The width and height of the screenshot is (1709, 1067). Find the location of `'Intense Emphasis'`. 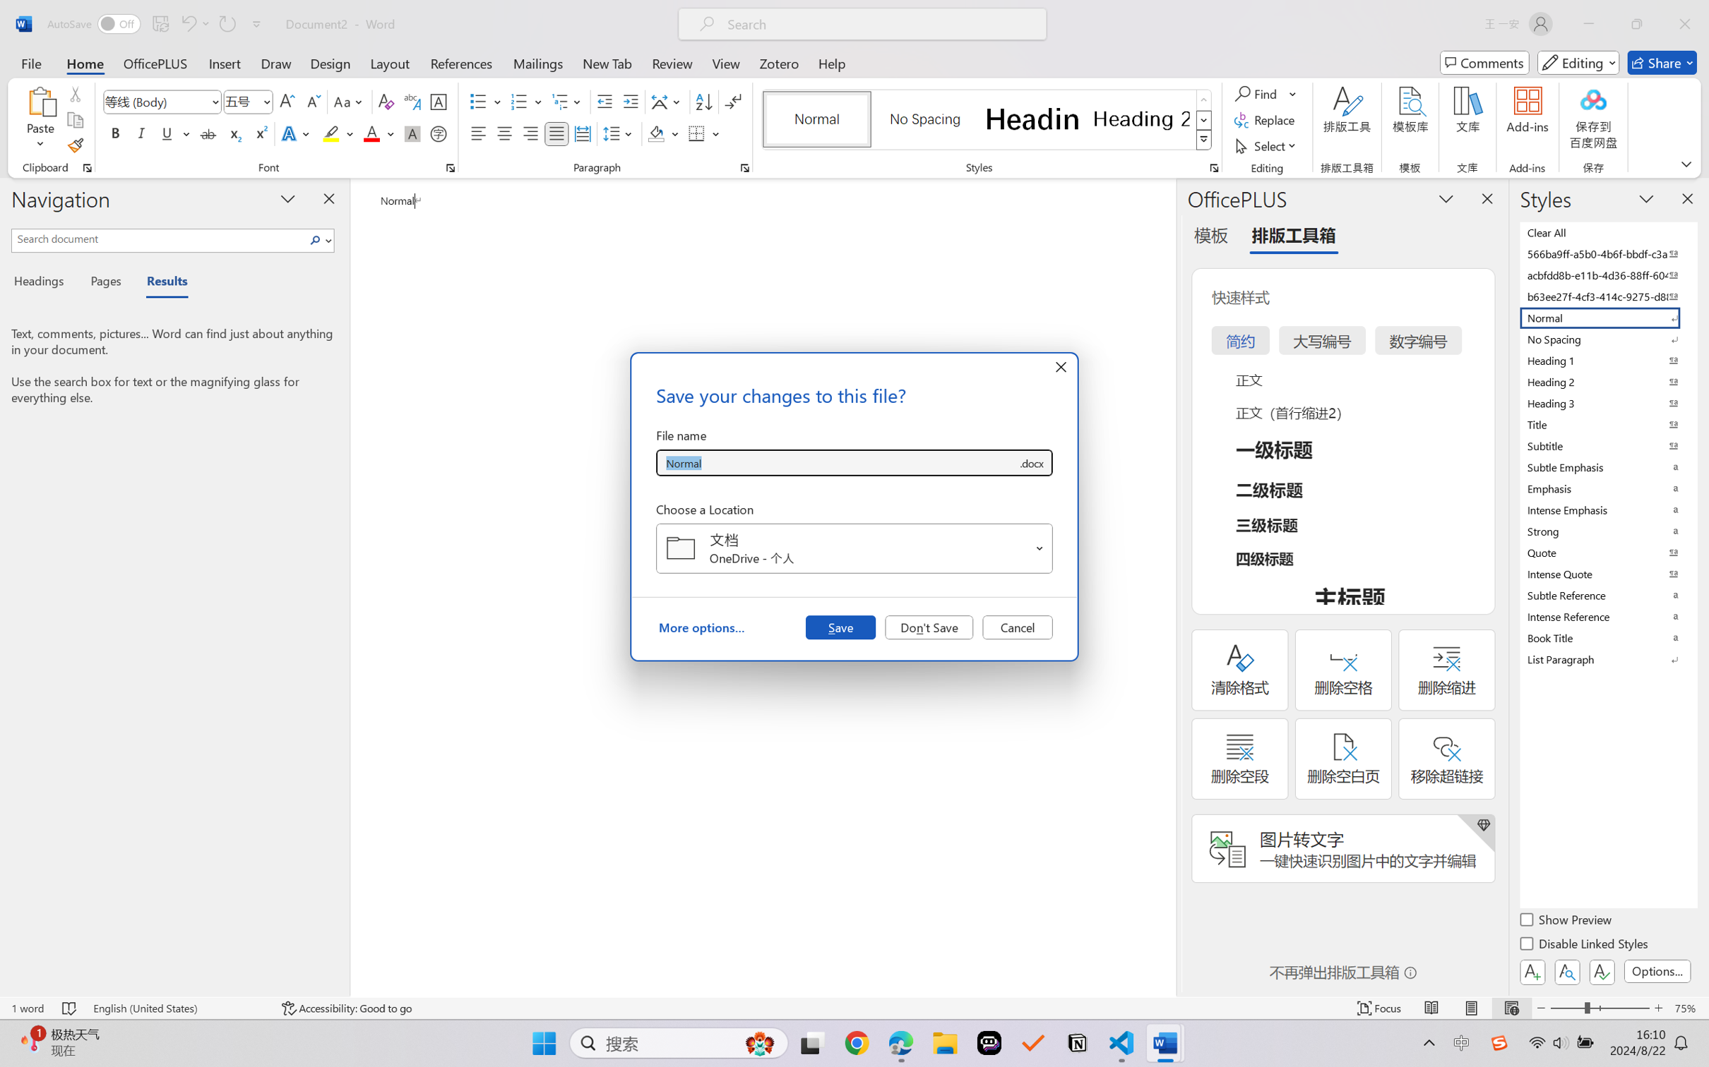

'Intense Emphasis' is located at coordinates (1607, 510).